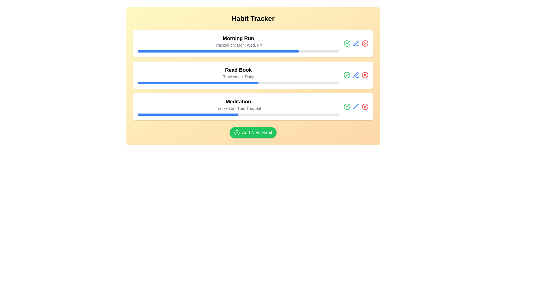 The width and height of the screenshot is (543, 305). Describe the element at coordinates (355, 43) in the screenshot. I see `the edit icon located to the far right of the 'Read Book' habit entry to initiate editing of its details` at that location.